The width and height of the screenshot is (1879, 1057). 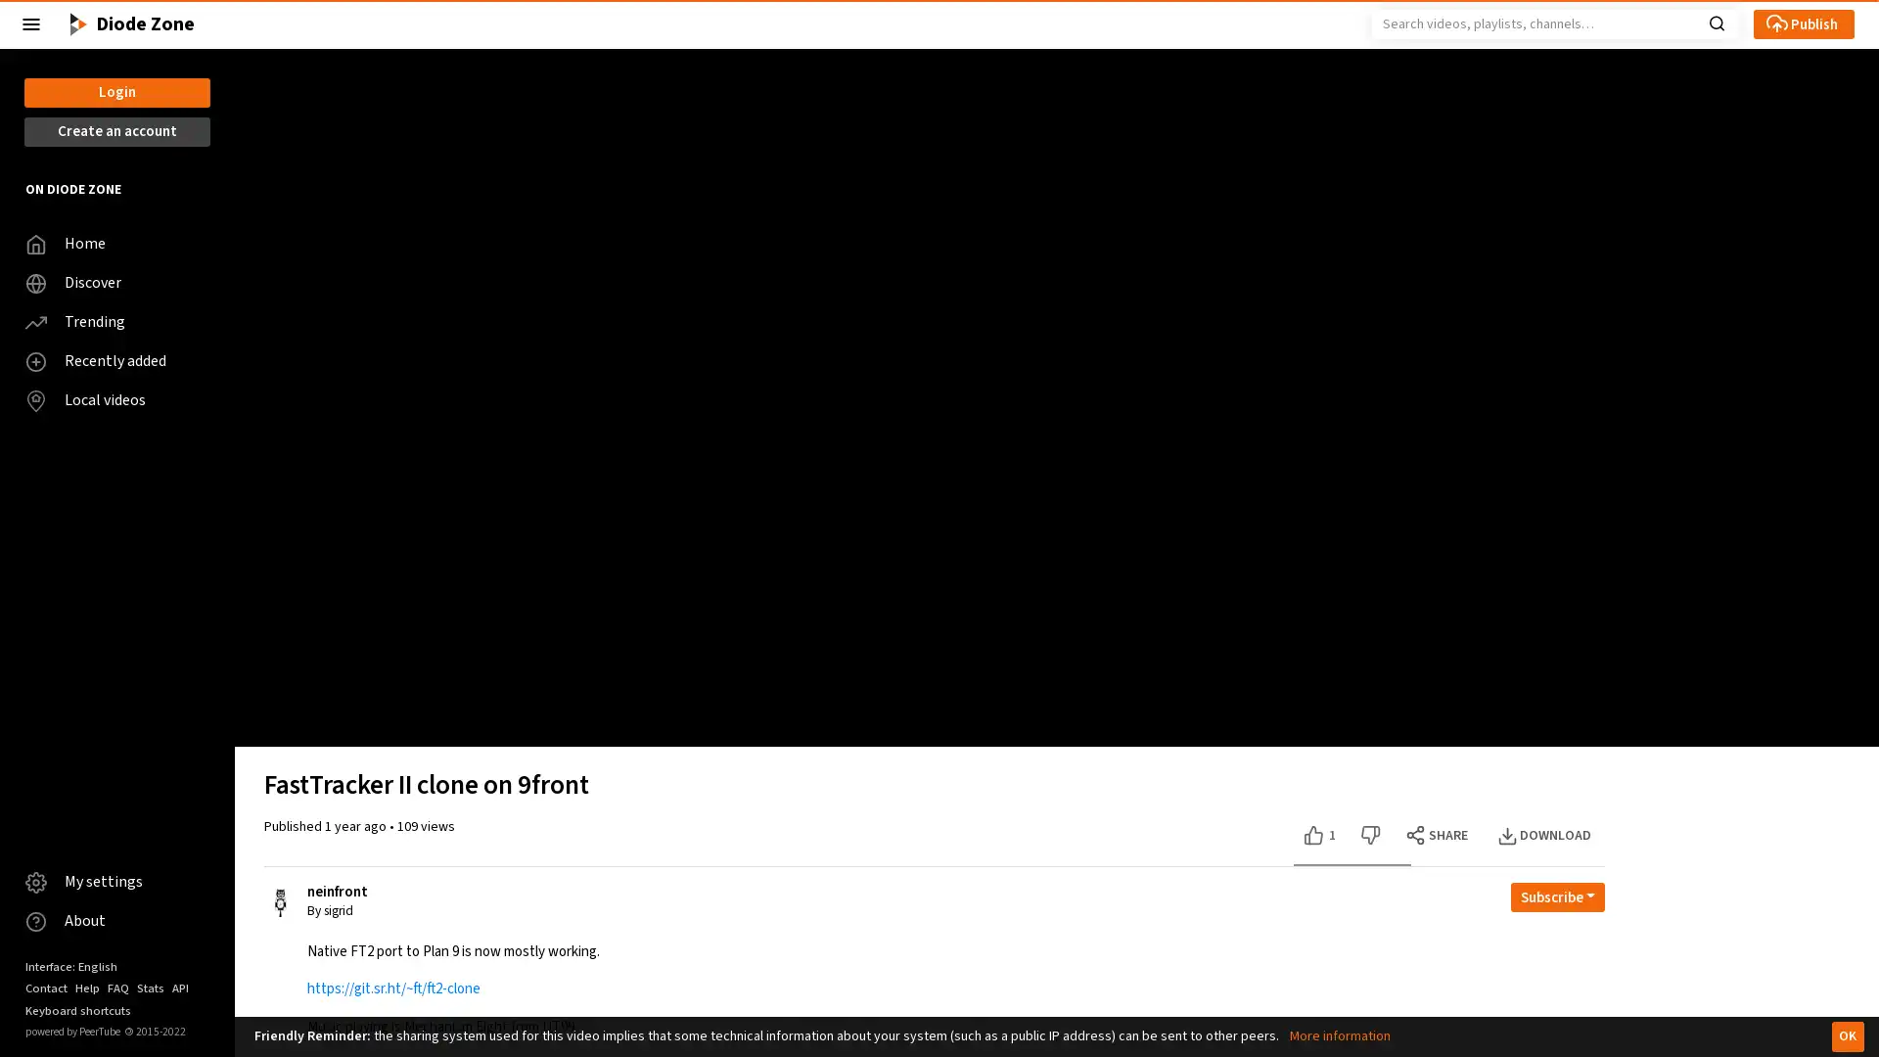 What do you see at coordinates (31, 23) in the screenshot?
I see `Close the left menu` at bounding box center [31, 23].